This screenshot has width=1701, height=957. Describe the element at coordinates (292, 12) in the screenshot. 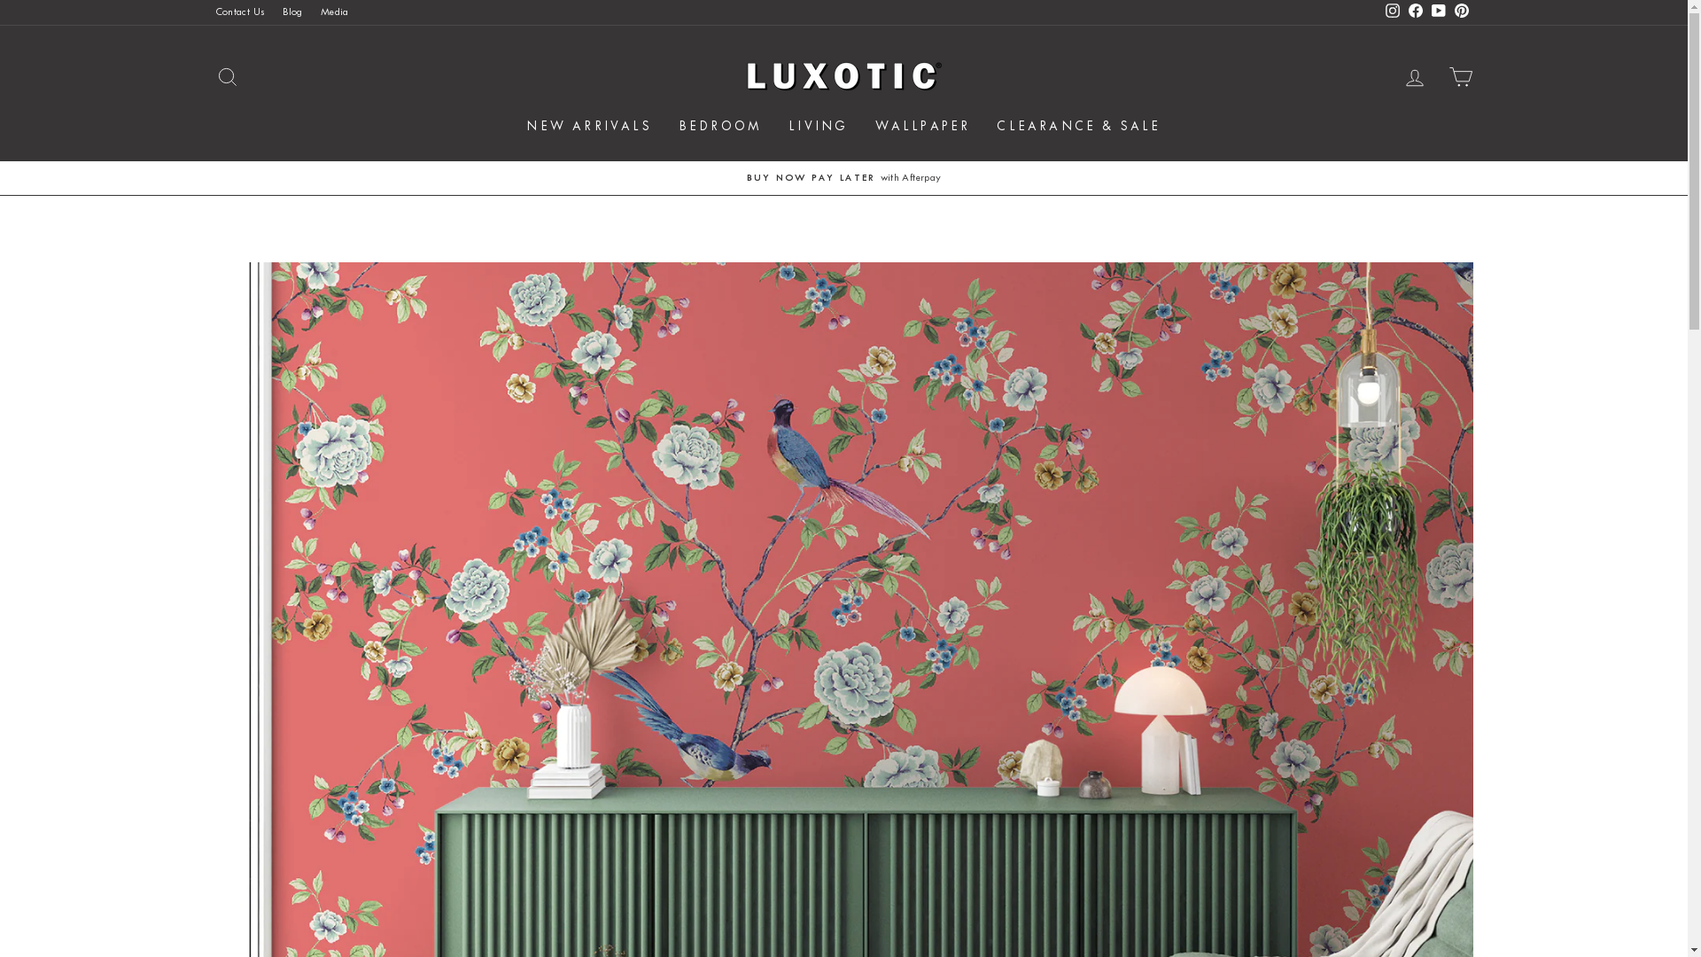

I see `'Blog'` at that location.